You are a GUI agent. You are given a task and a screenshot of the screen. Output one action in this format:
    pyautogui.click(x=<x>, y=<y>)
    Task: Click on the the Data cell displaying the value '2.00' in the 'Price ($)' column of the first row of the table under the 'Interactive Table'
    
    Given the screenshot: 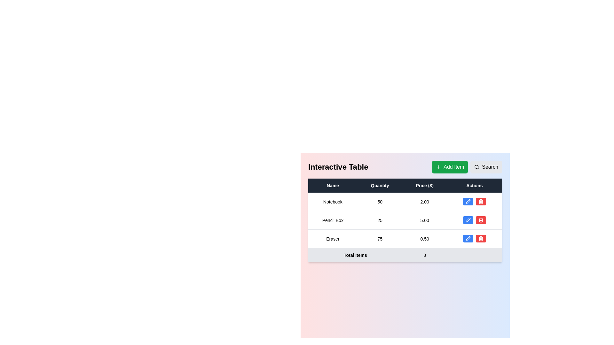 What is the action you would take?
    pyautogui.click(x=425, y=202)
    